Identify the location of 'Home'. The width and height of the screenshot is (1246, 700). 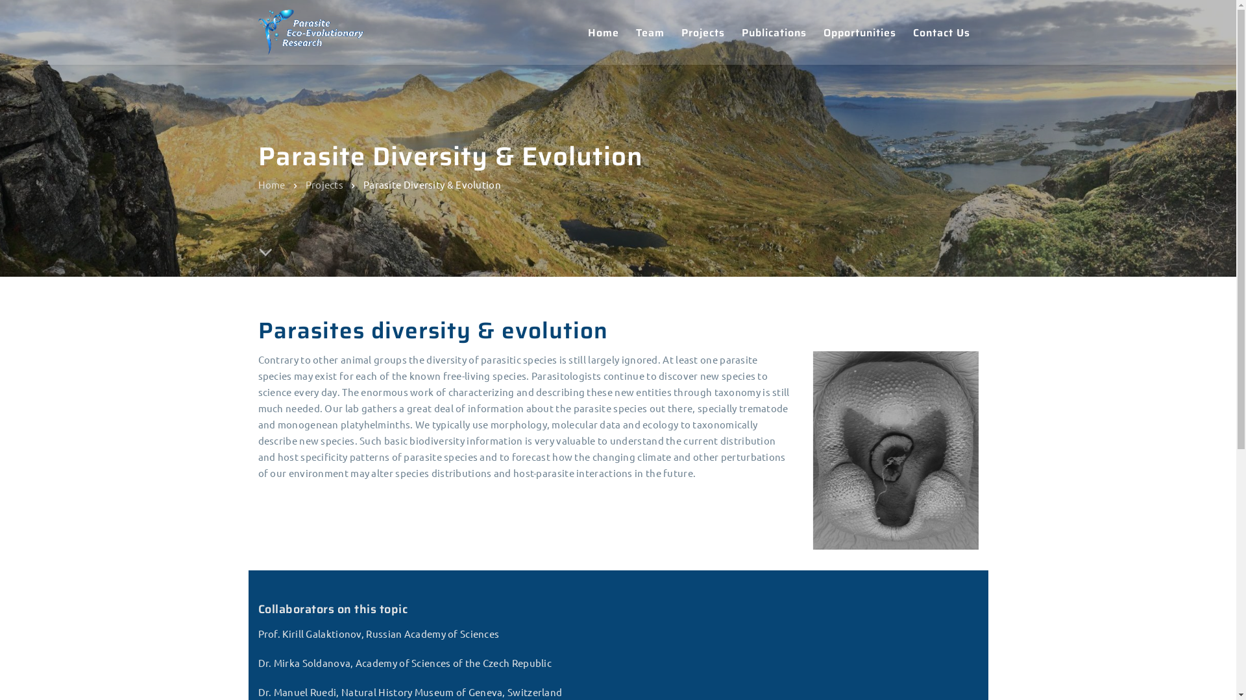
(271, 183).